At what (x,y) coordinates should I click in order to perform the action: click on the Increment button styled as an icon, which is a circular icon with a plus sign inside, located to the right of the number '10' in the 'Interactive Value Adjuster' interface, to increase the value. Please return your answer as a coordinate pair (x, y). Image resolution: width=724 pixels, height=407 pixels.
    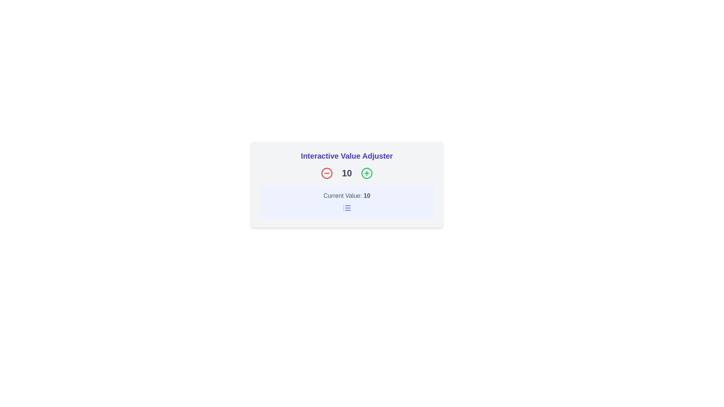
    Looking at the image, I should click on (367, 173).